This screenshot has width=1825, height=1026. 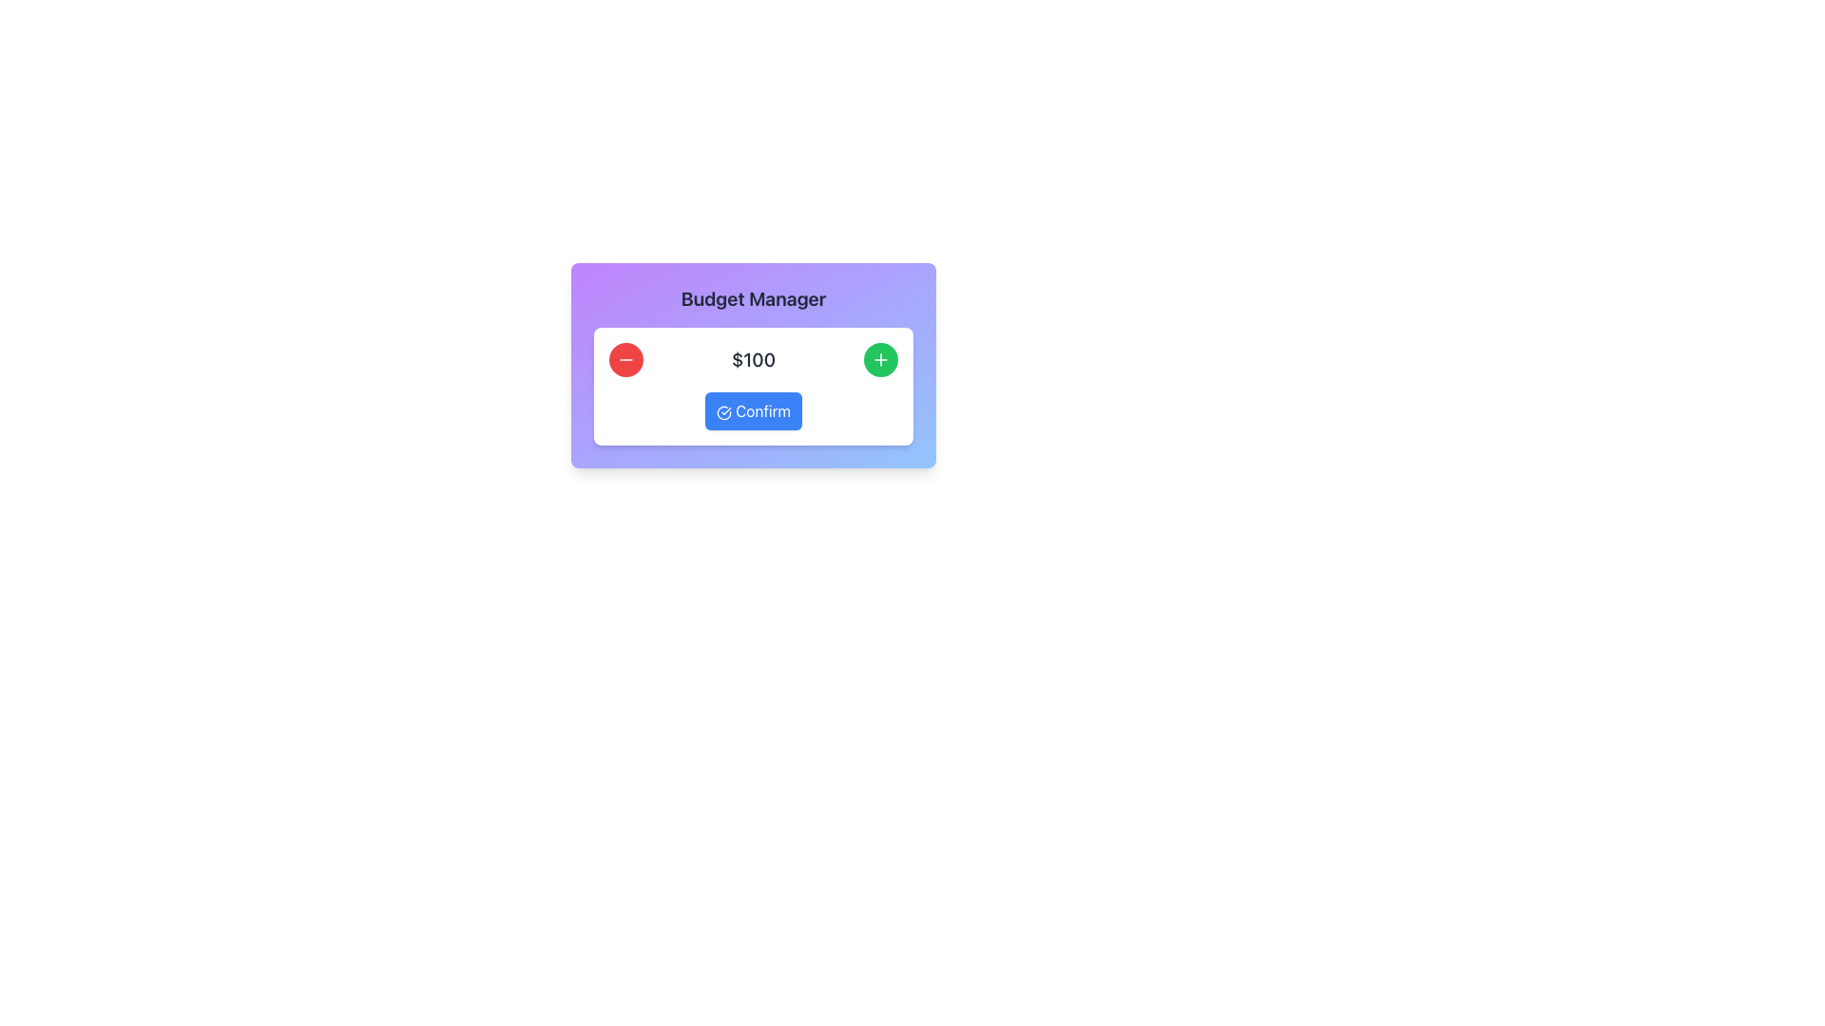 I want to click on the Text Display element that shows the current value of '$100', centrally positioned between the decrease and increase buttons, so click(x=752, y=359).